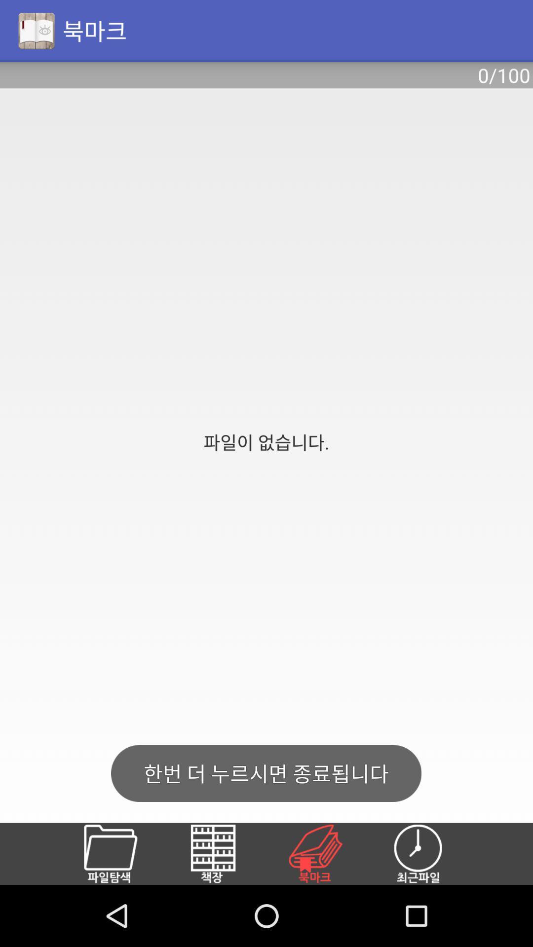 The height and width of the screenshot is (947, 533). I want to click on open folder, so click(121, 853).